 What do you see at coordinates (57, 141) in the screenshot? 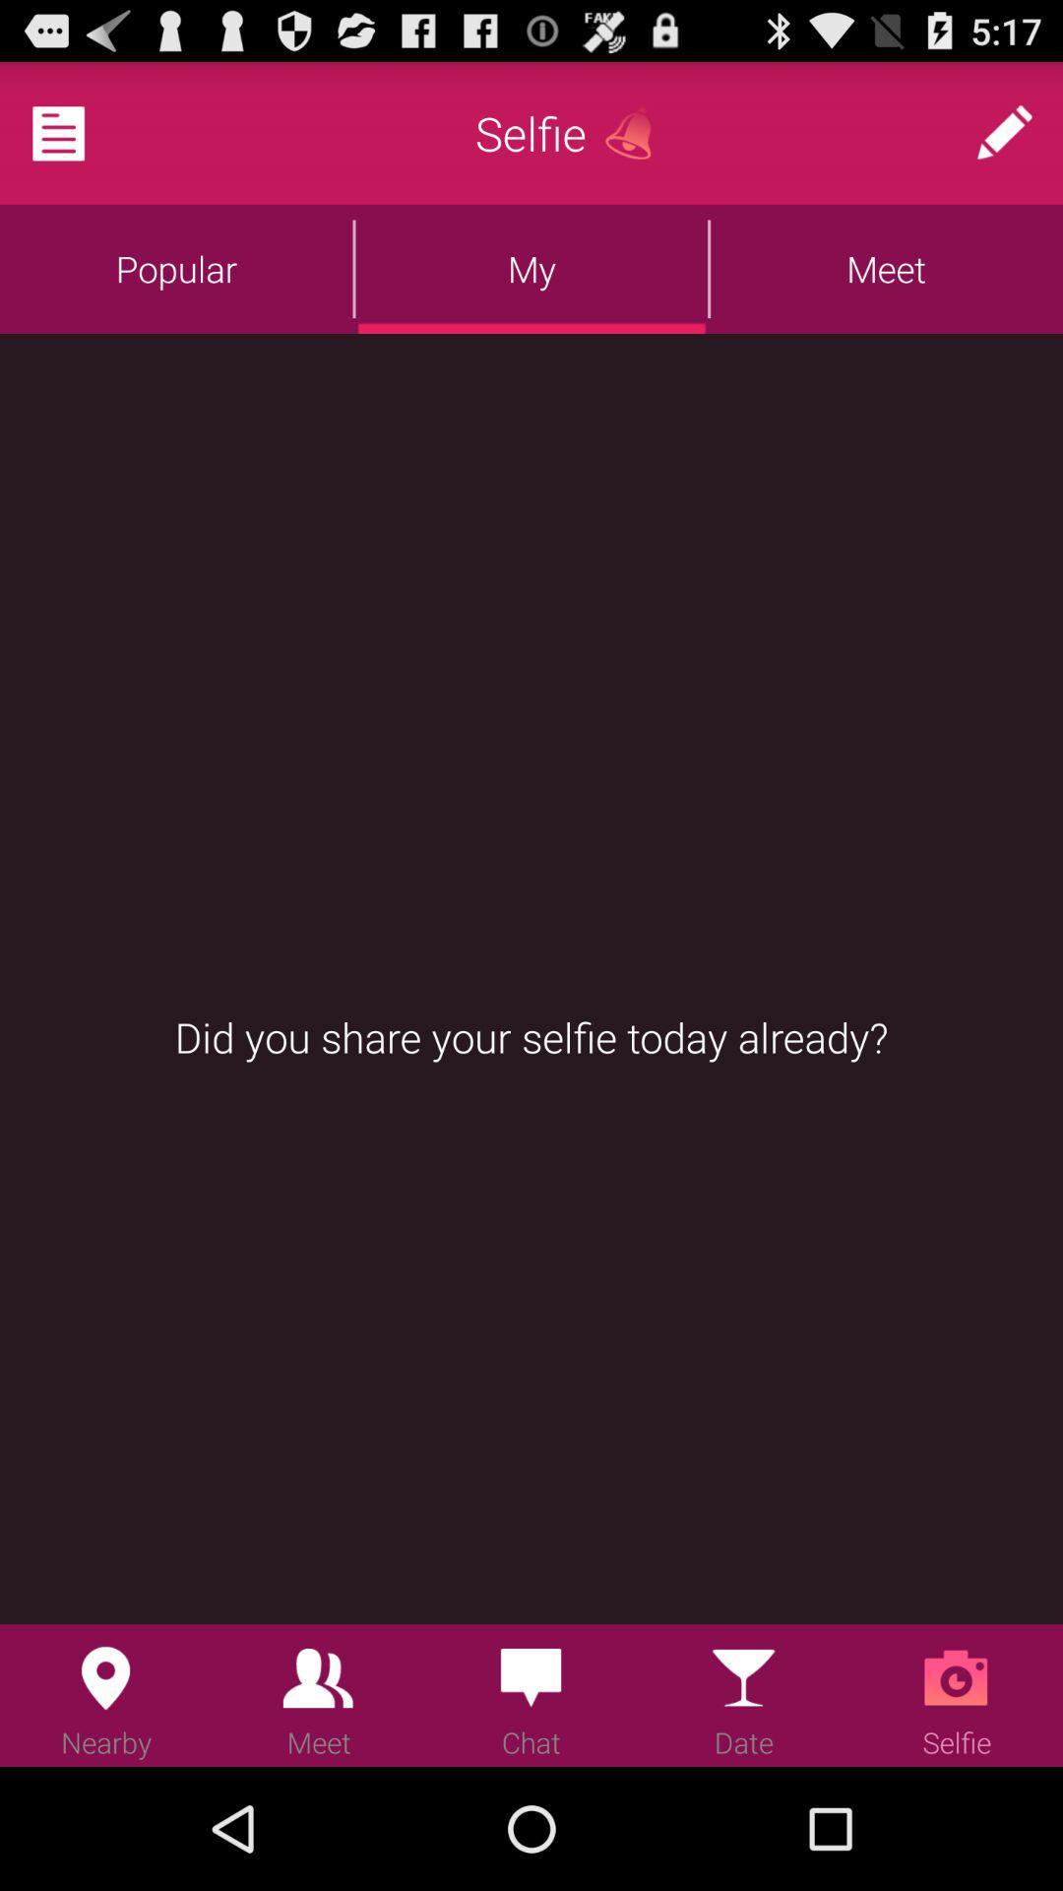
I see `the description icon` at bounding box center [57, 141].